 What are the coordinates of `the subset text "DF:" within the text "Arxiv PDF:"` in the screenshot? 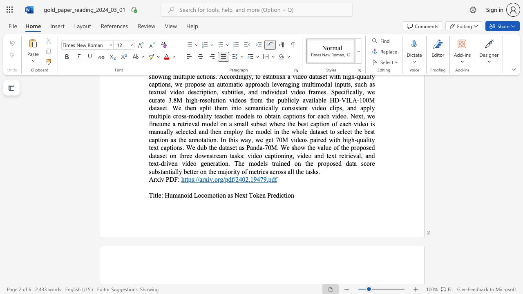 It's located at (169, 179).